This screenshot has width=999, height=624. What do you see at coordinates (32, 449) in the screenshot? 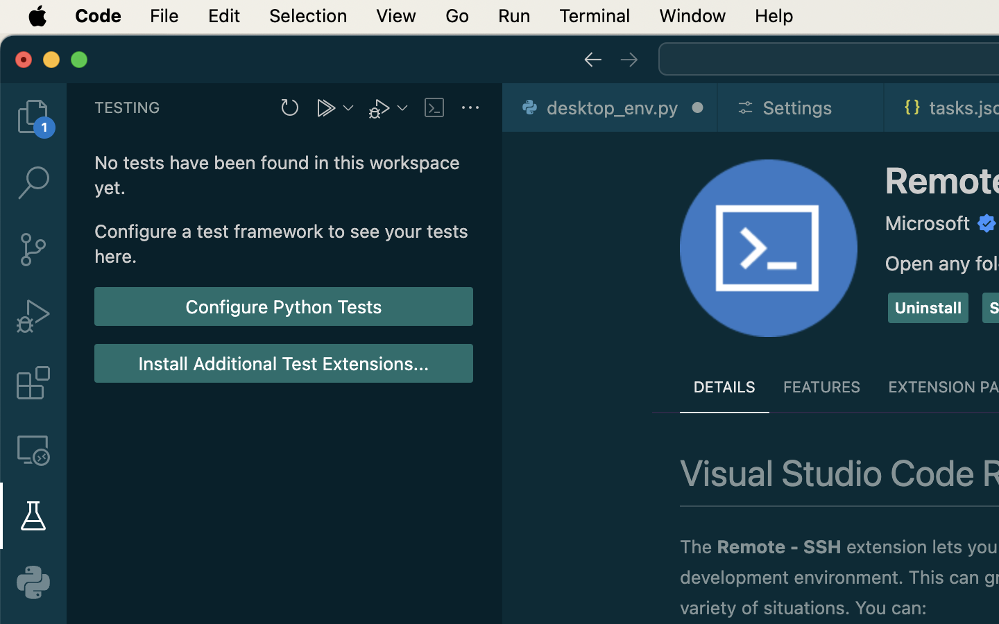
I see `''` at bounding box center [32, 449].